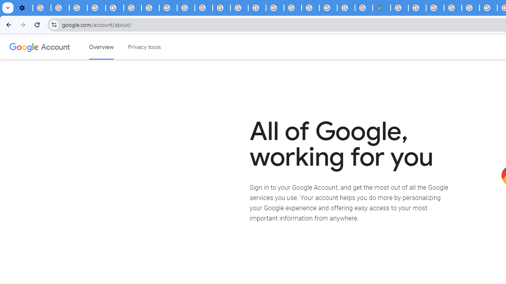 This screenshot has width=506, height=284. Describe the element at coordinates (53, 24) in the screenshot. I see `'View site information'` at that location.